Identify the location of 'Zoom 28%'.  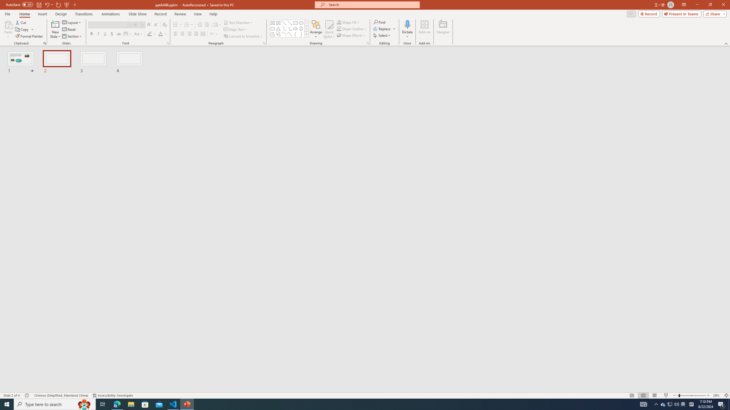
(717, 395).